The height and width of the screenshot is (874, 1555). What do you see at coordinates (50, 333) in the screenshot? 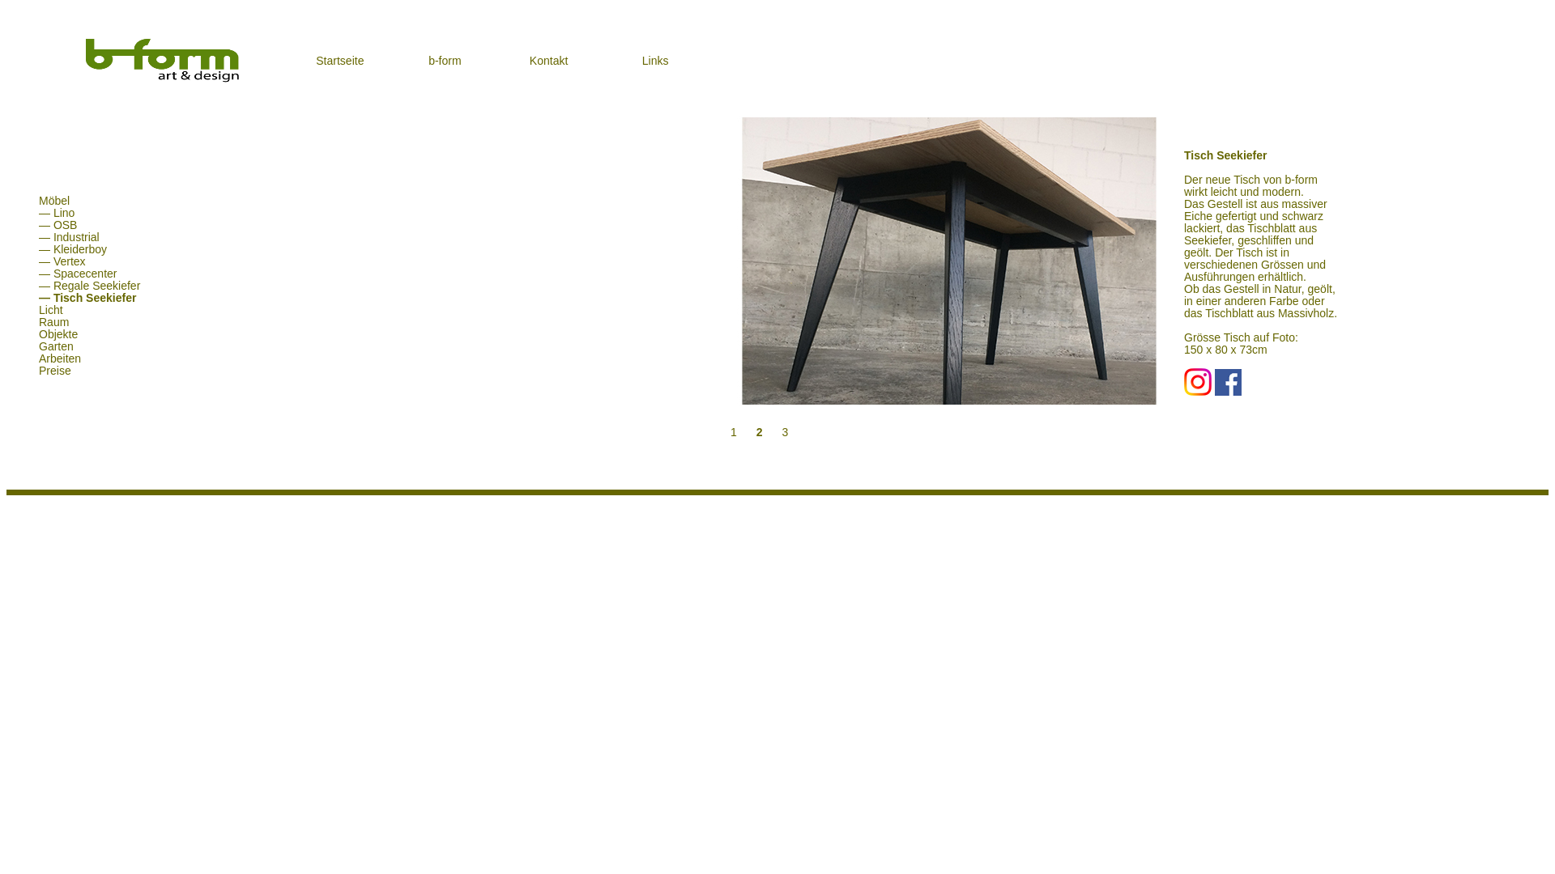
I see `'Objekte'` at bounding box center [50, 333].